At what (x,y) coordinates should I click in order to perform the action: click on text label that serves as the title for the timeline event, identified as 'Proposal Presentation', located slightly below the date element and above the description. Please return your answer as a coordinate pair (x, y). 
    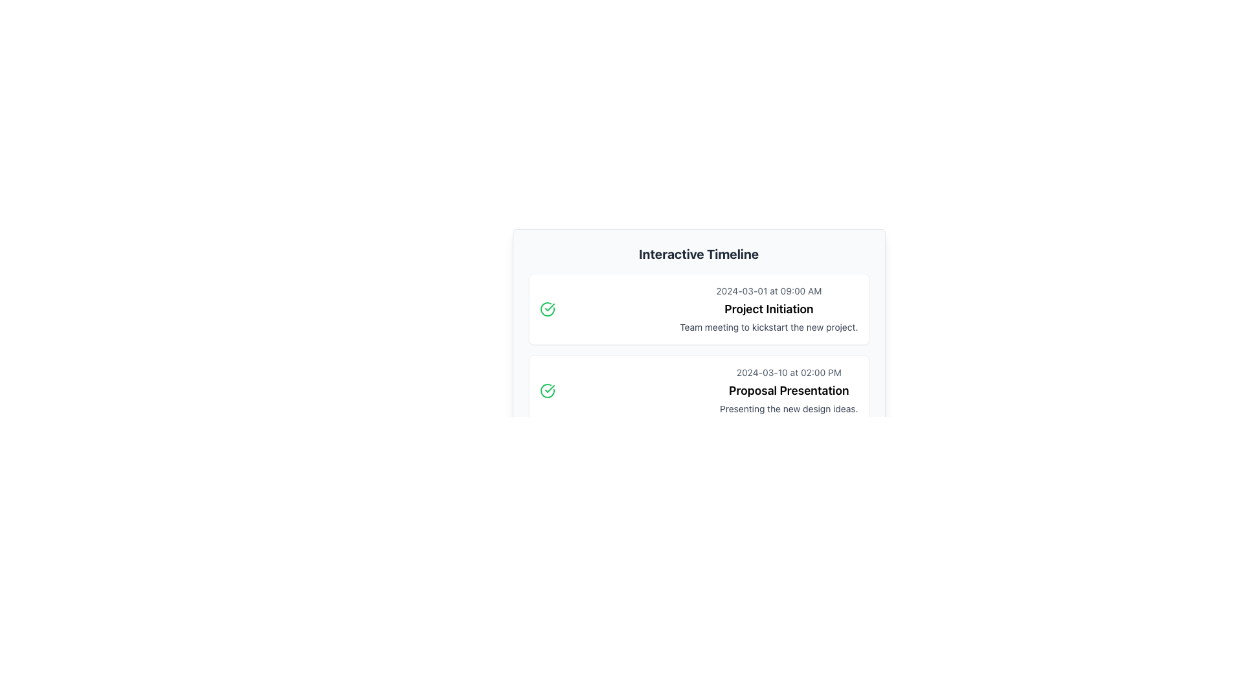
    Looking at the image, I should click on (788, 390).